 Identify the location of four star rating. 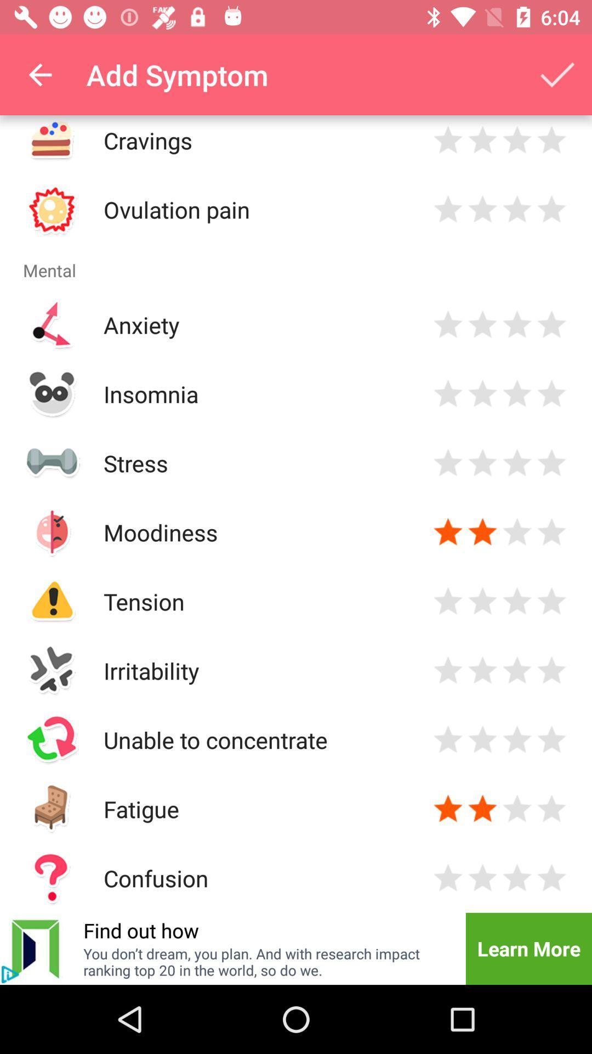
(551, 463).